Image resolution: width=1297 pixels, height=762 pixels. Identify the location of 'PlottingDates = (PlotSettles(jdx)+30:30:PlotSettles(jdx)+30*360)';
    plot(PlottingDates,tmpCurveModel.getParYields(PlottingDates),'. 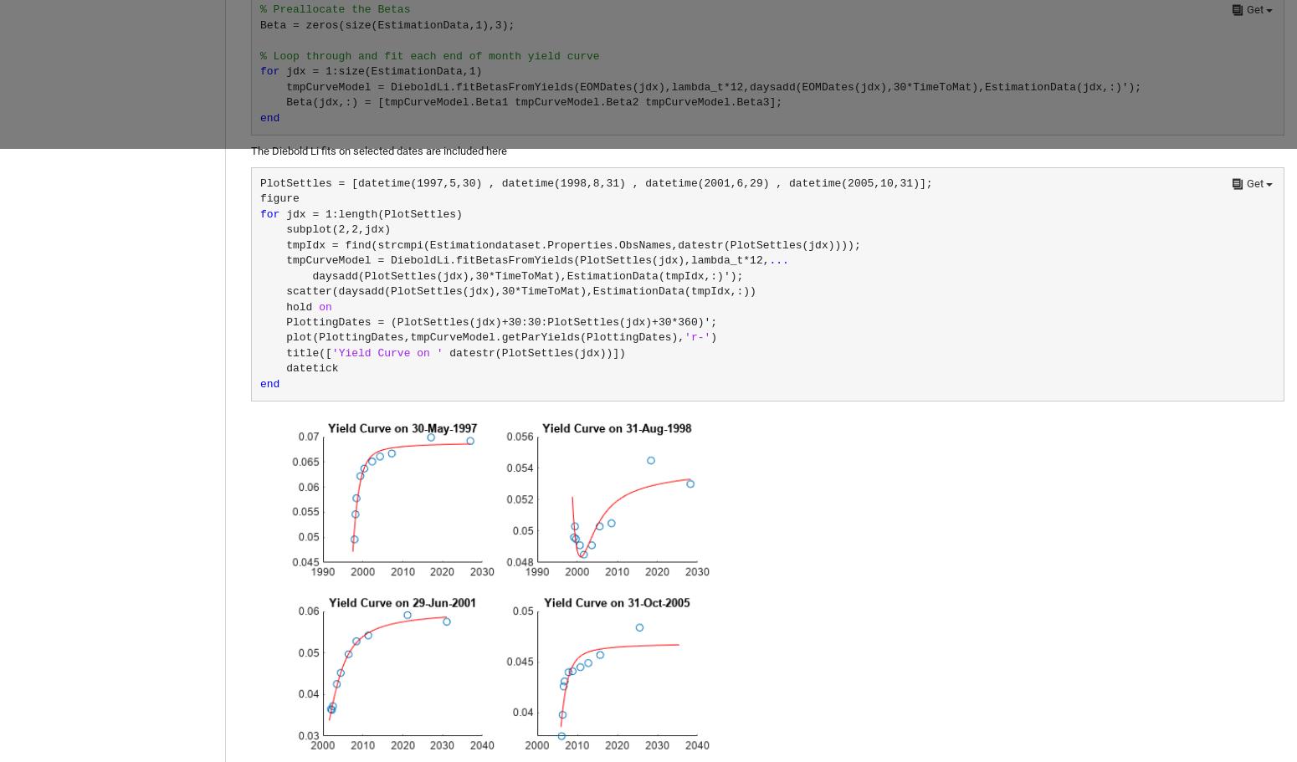
(489, 329).